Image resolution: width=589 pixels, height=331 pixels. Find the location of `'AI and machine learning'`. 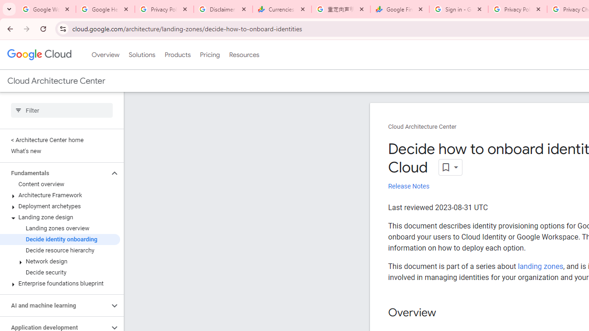

'AI and machine learning' is located at coordinates (54, 305).